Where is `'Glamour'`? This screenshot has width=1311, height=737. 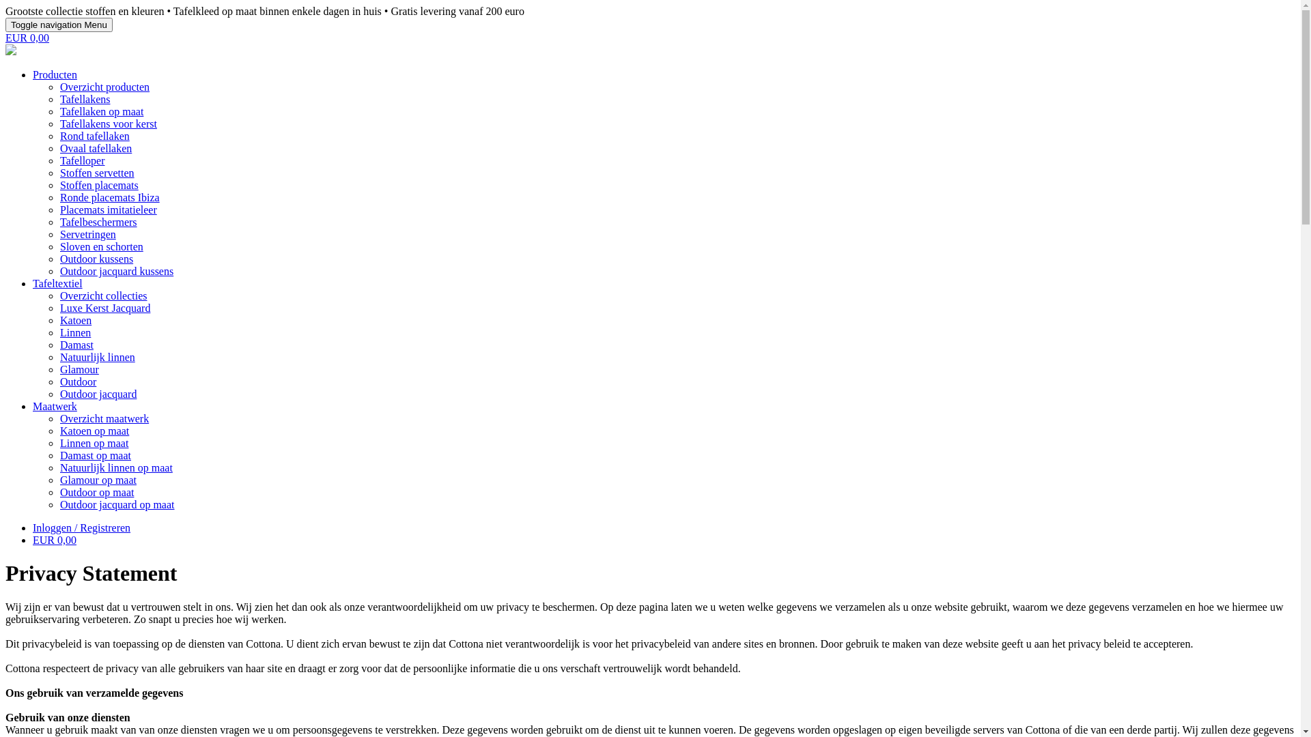 'Glamour' is located at coordinates (79, 369).